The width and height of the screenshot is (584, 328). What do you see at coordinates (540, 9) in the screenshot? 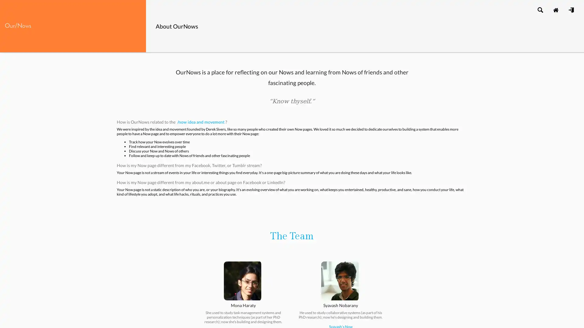
I see `Search` at bounding box center [540, 9].